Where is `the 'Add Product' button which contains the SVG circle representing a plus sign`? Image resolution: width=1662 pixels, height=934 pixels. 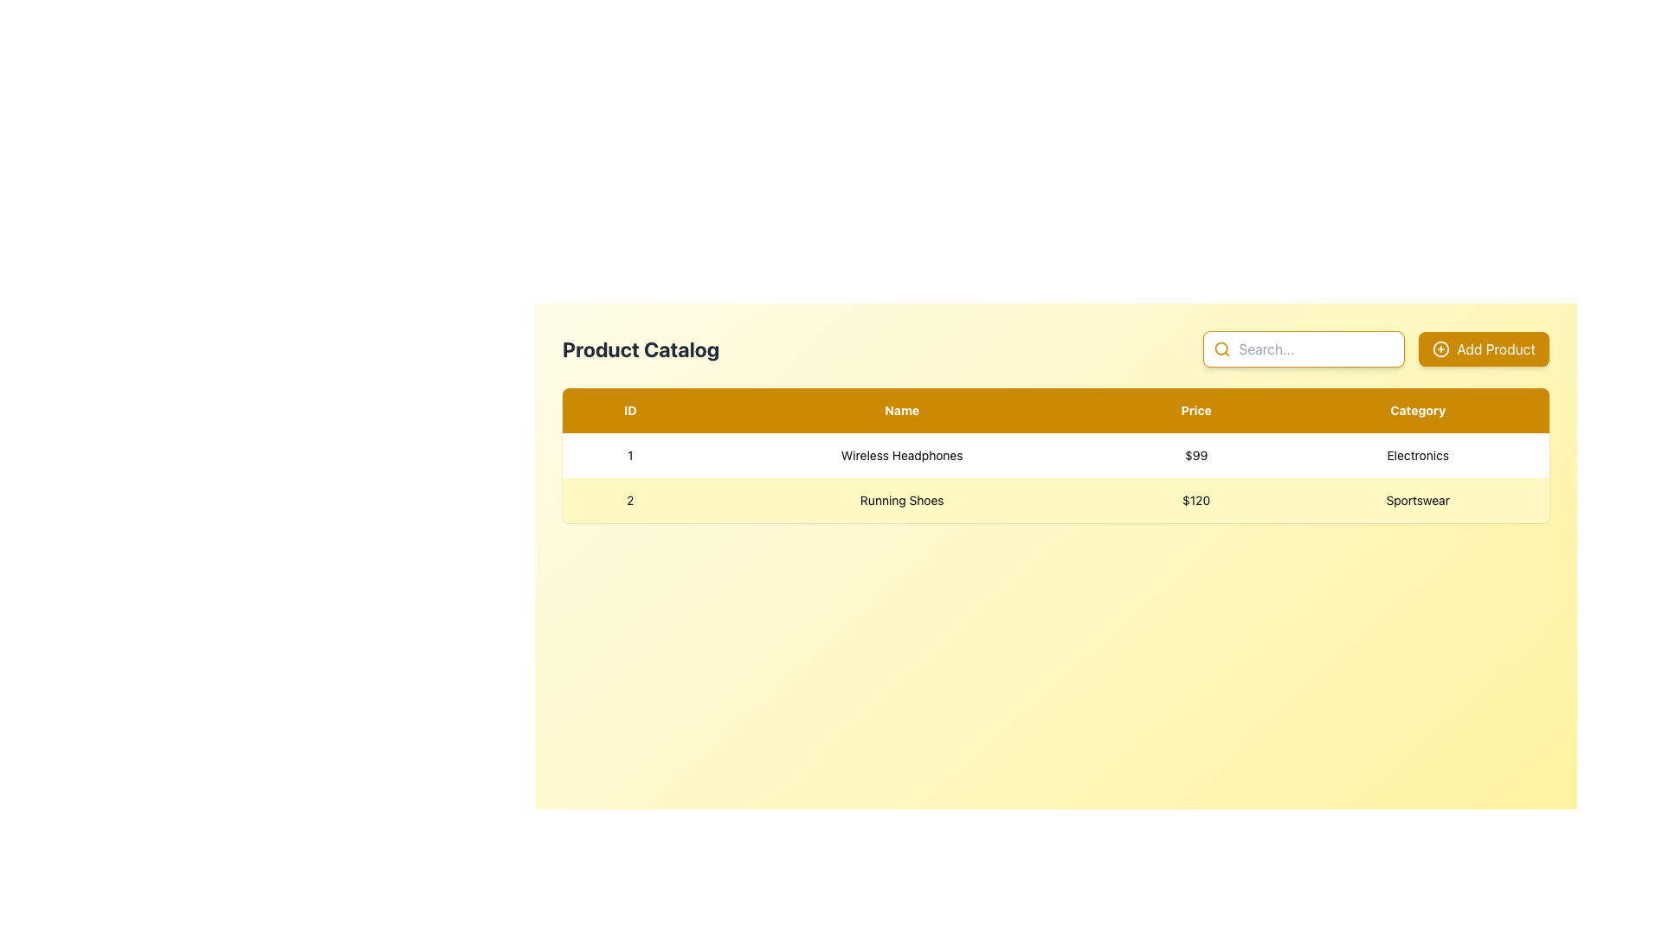 the 'Add Product' button which contains the SVG circle representing a plus sign is located at coordinates (1441, 349).